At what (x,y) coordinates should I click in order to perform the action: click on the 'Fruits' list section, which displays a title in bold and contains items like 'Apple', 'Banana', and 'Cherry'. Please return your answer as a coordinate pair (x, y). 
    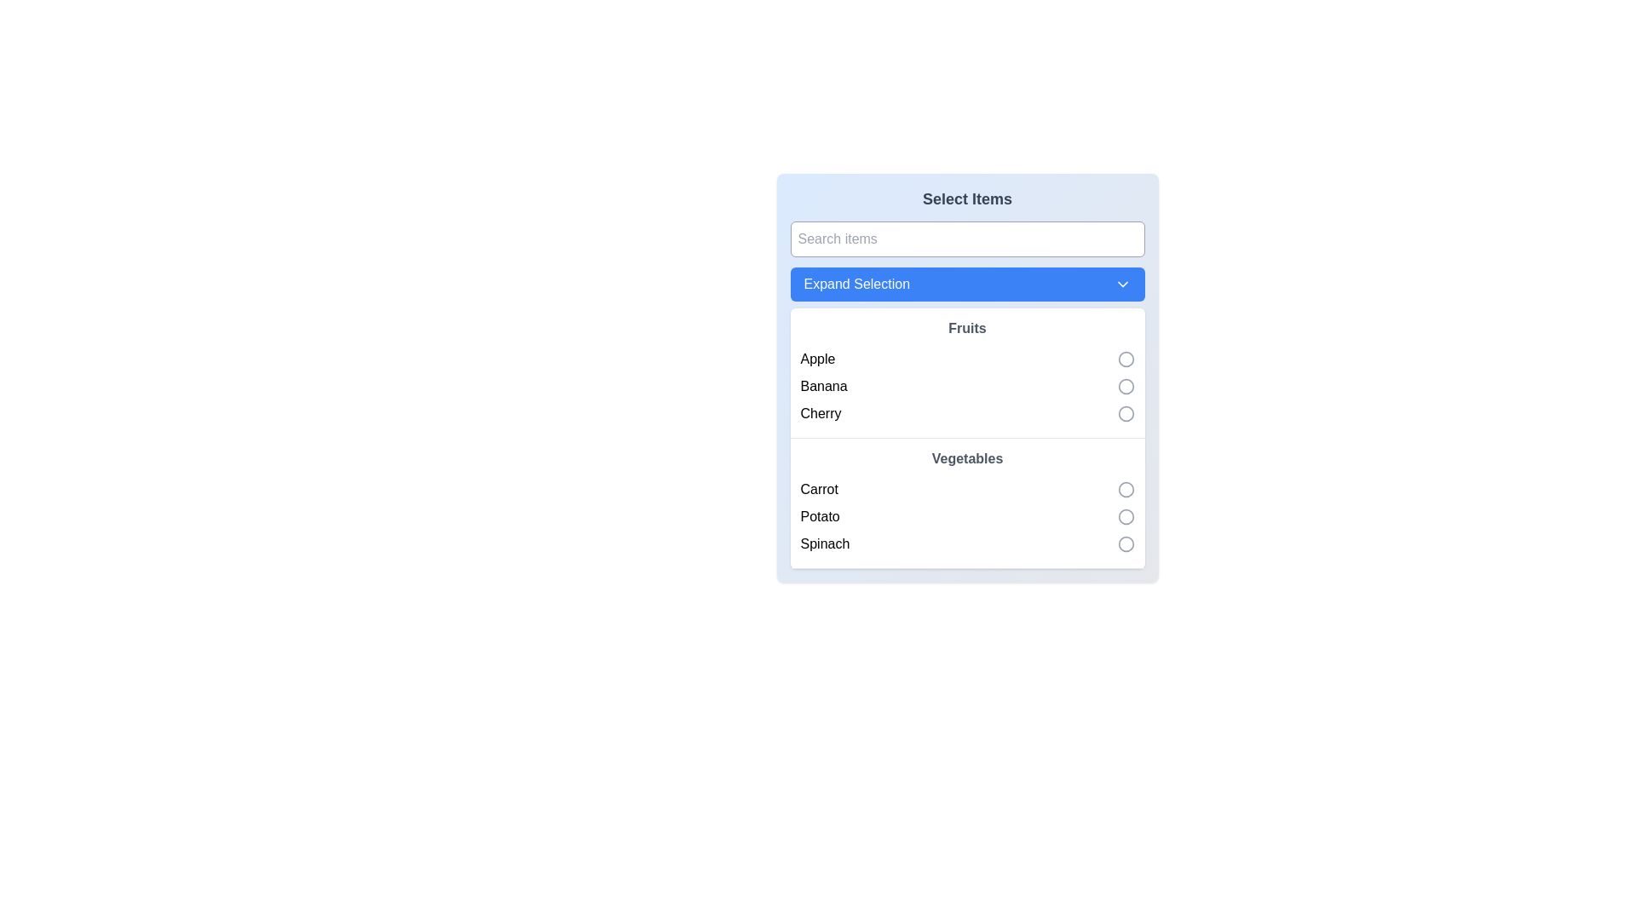
    Looking at the image, I should click on (967, 372).